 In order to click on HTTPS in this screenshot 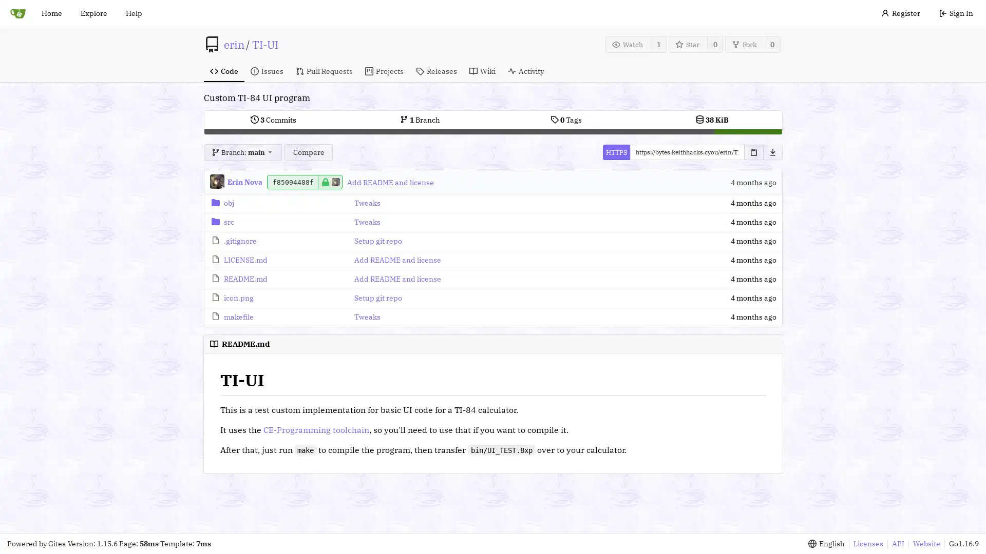, I will do `click(616, 152)`.